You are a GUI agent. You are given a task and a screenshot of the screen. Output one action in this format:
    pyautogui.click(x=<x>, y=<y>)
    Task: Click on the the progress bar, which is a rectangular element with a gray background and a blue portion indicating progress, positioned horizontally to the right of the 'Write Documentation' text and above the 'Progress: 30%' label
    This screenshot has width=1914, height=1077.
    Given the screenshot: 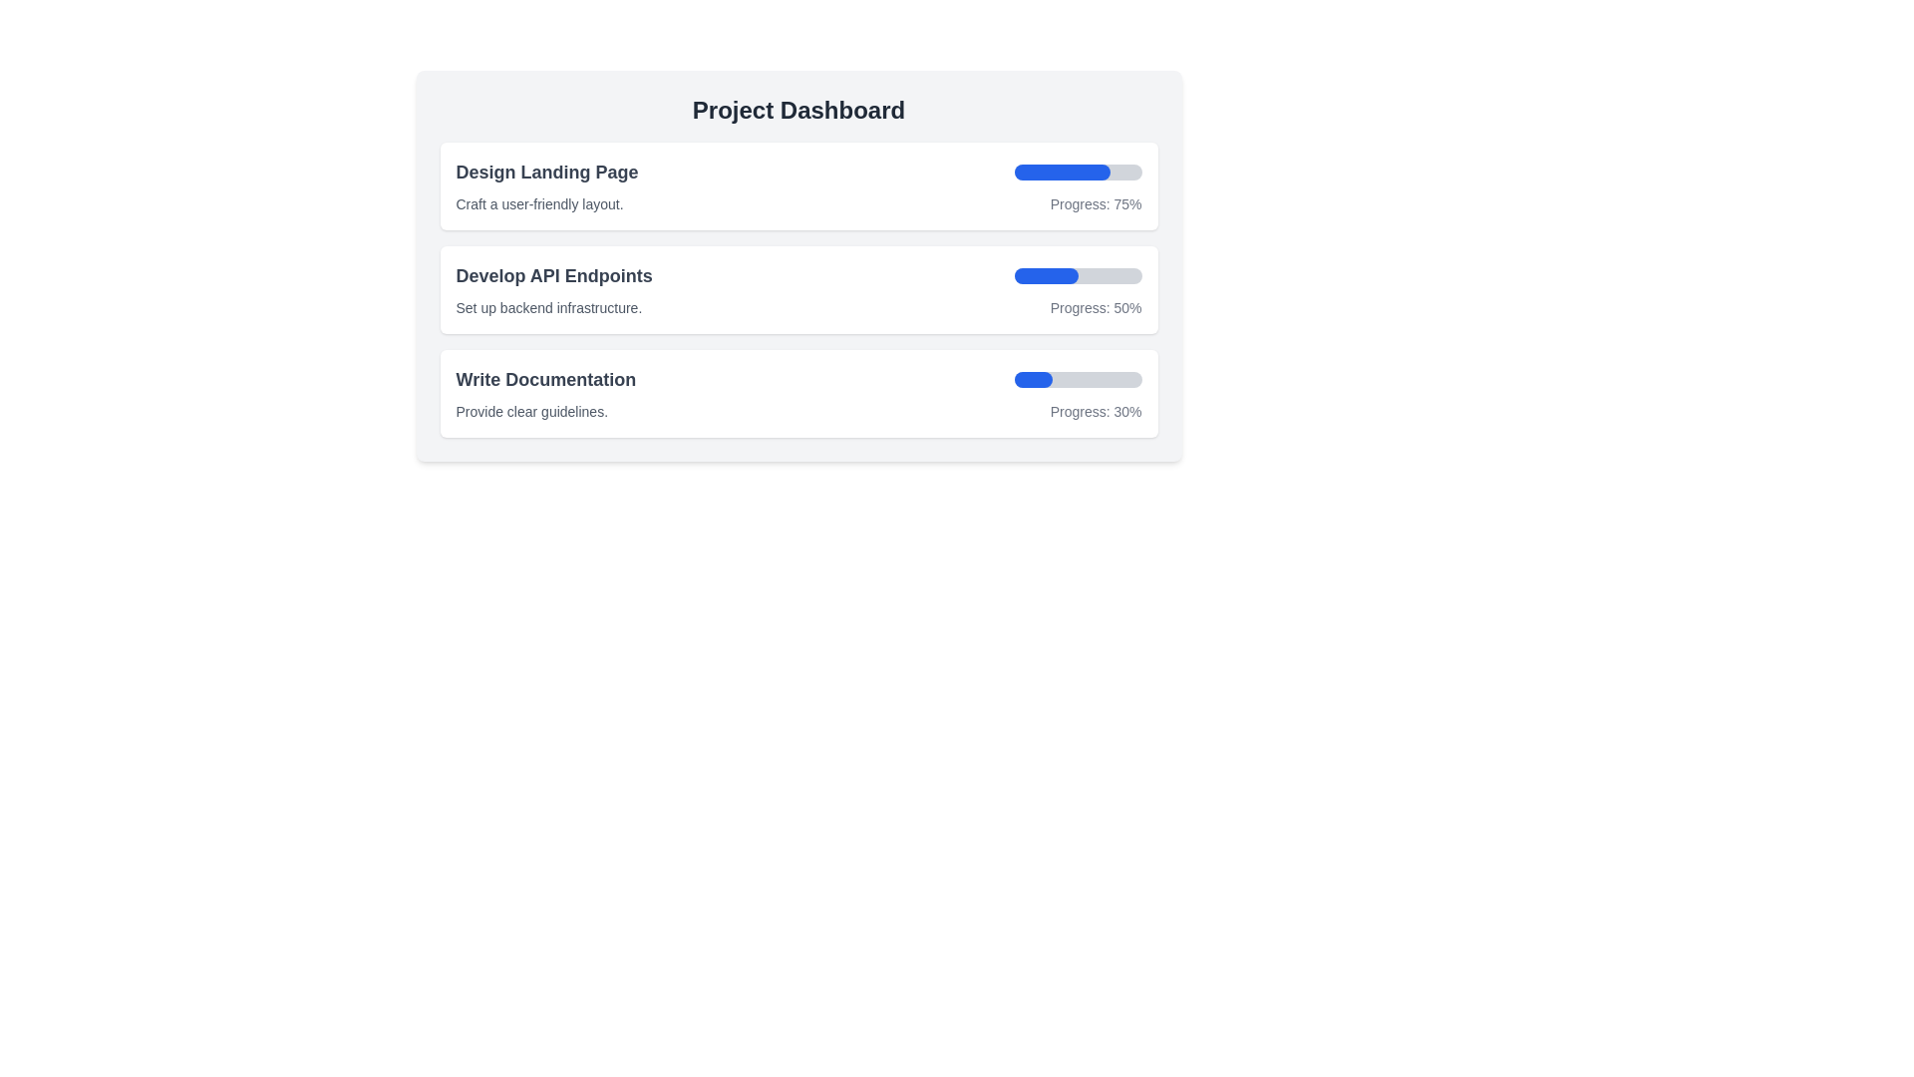 What is the action you would take?
    pyautogui.click(x=1077, y=380)
    